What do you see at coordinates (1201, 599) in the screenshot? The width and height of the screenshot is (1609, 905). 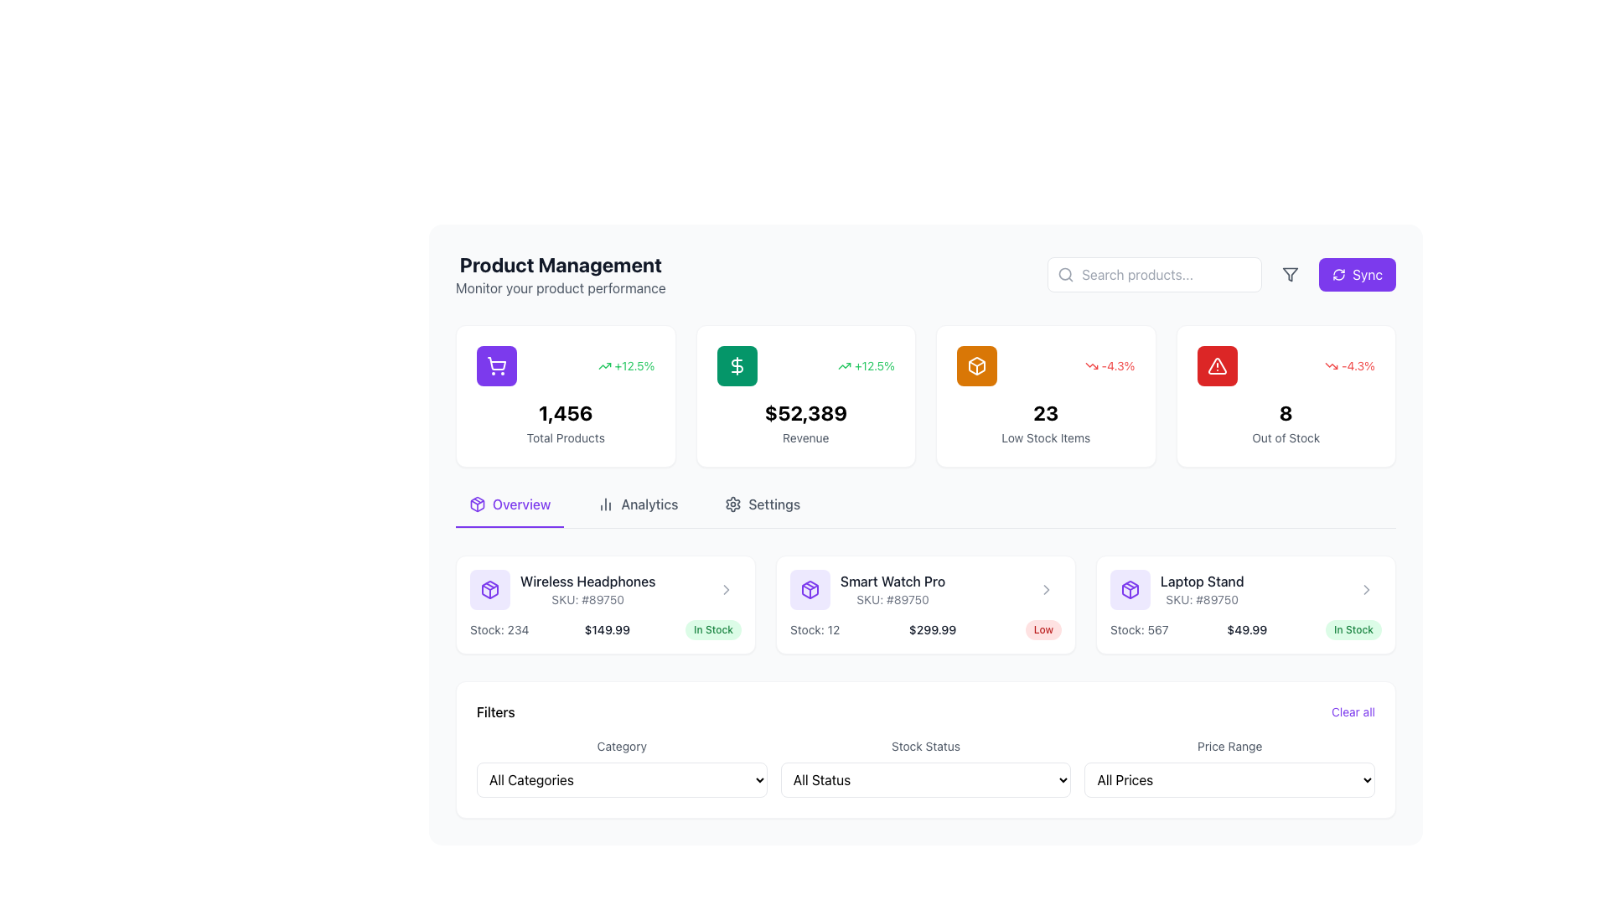 I see `the Text Label displaying 'SKU: #89750', which is positioned below the title 'Laptop Stand' in the product card` at bounding box center [1201, 599].